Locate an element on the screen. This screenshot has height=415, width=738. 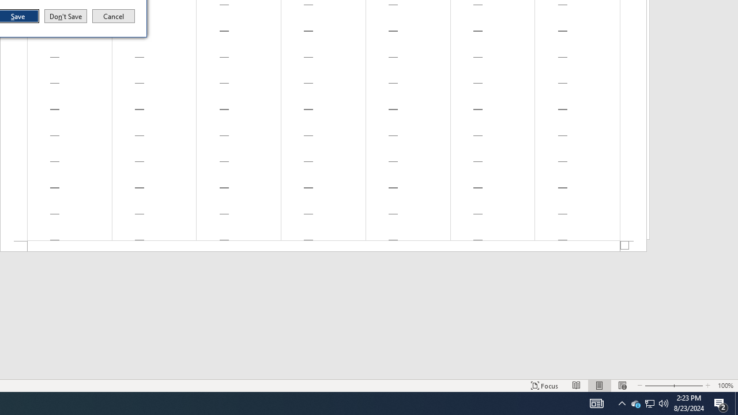
'Focus ' is located at coordinates (544, 386).